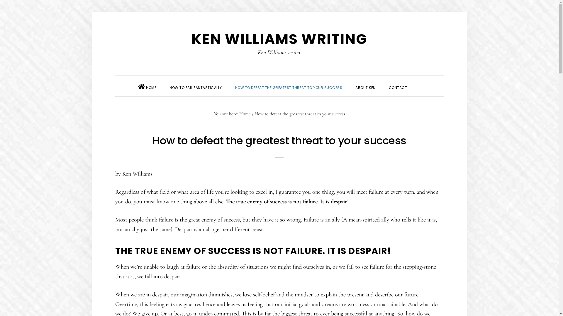 This screenshot has height=316, width=563. What do you see at coordinates (289, 87) in the screenshot?
I see `'HOW TO DEFEAT THE GREATEST THREAT TO YOUR SUCCESS'` at bounding box center [289, 87].